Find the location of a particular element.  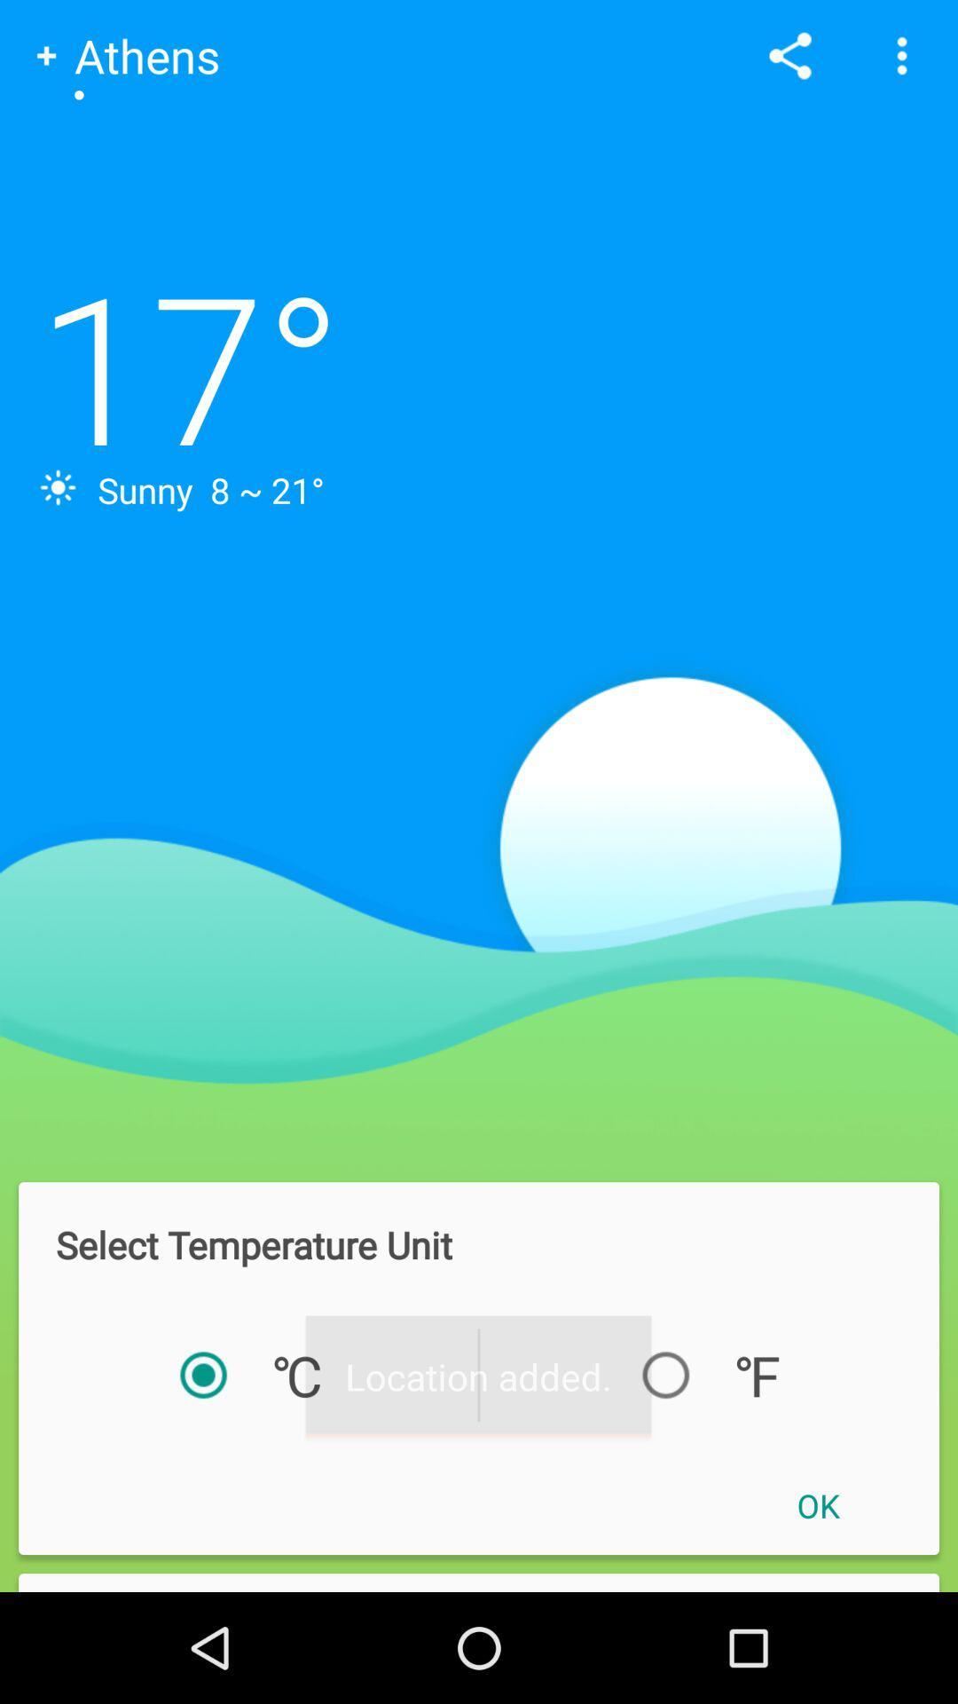

improper tagging is located at coordinates (479, 1582).